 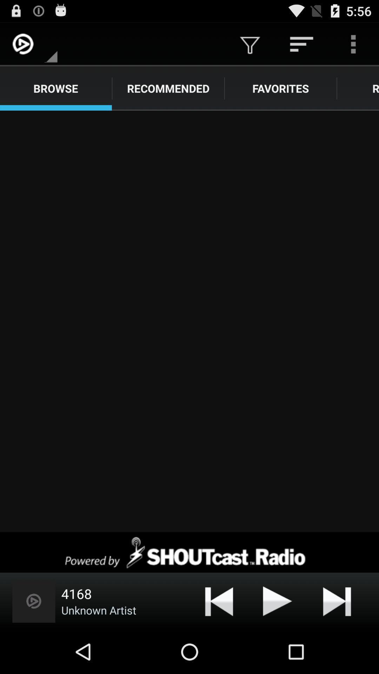 I want to click on beginning or previous, so click(x=219, y=601).